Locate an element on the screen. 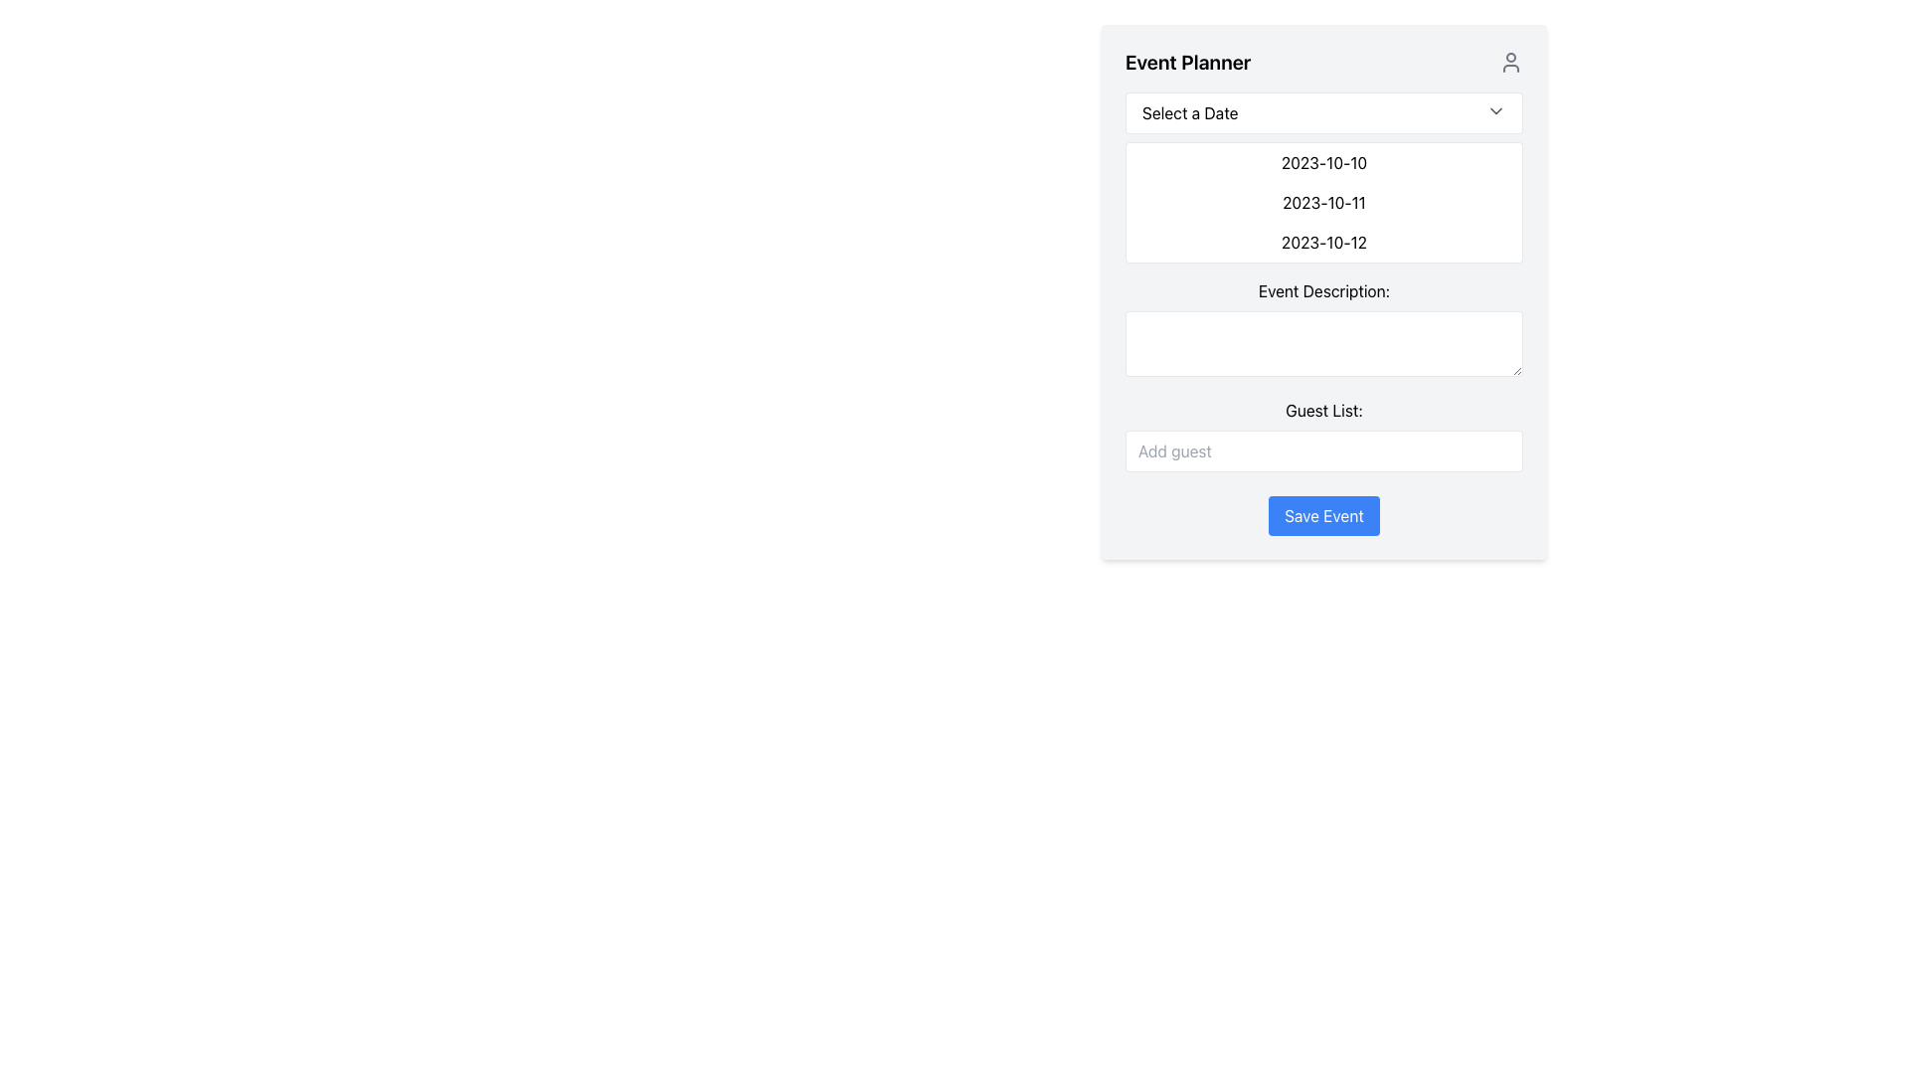 The image size is (1909, 1074). the Dropdown menu for date selection located at the top of the 'Event Planner' form, which toggles the visibility of date options is located at coordinates (1323, 113).